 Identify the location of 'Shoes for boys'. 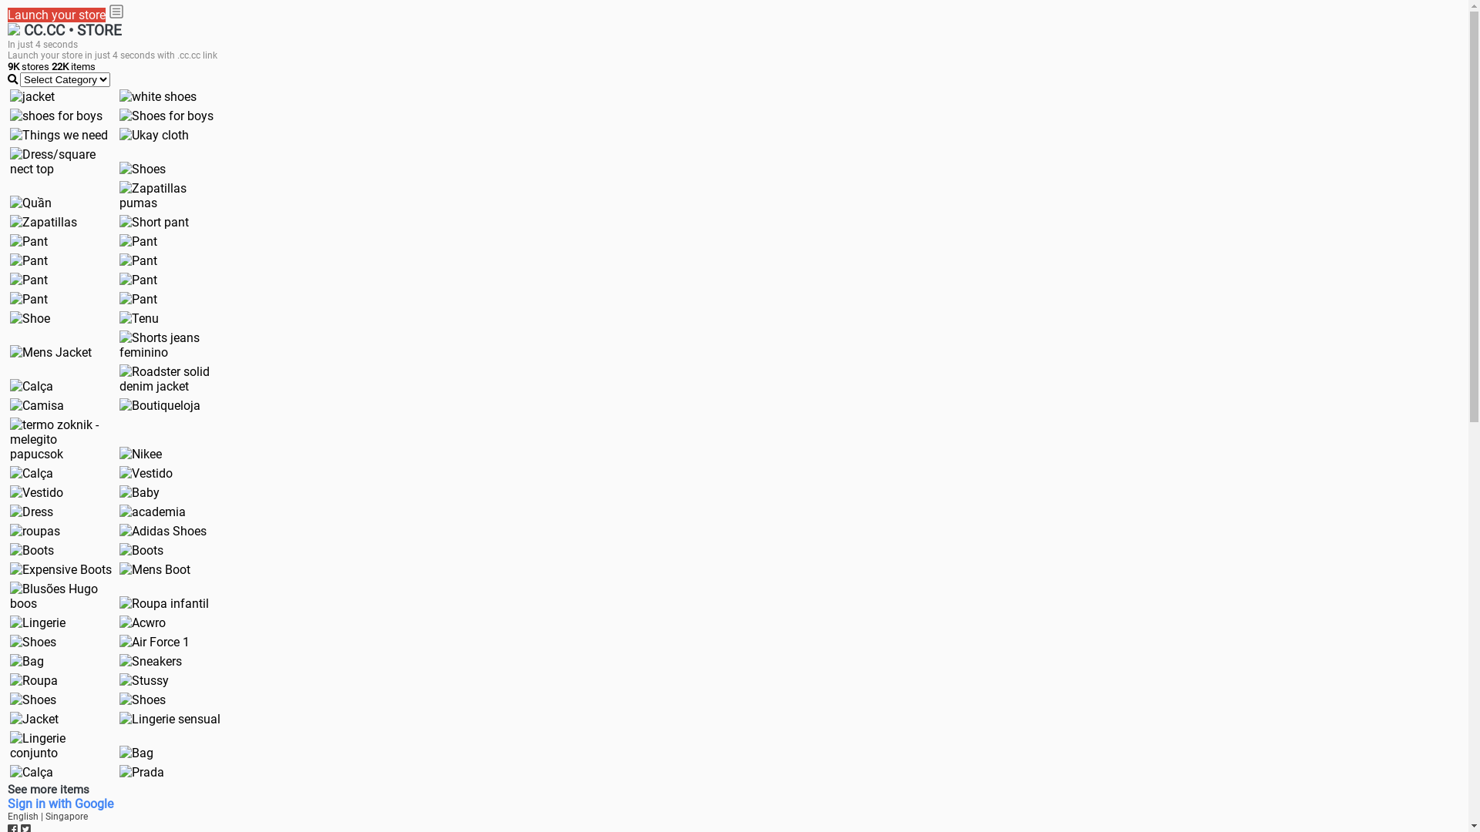
(166, 115).